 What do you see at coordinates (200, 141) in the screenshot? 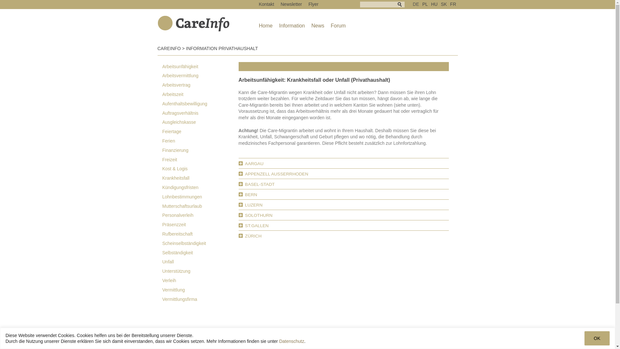
I see `'Ferien'` at bounding box center [200, 141].